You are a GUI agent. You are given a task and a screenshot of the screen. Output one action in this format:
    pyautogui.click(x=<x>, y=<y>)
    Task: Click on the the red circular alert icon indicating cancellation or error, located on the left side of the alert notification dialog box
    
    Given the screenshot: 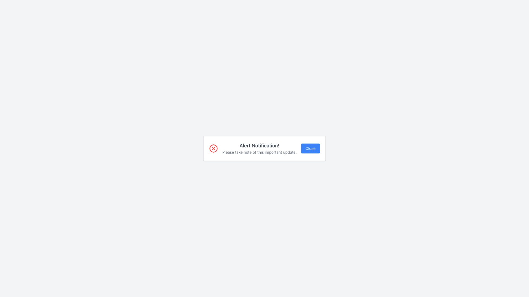 What is the action you would take?
    pyautogui.click(x=213, y=148)
    